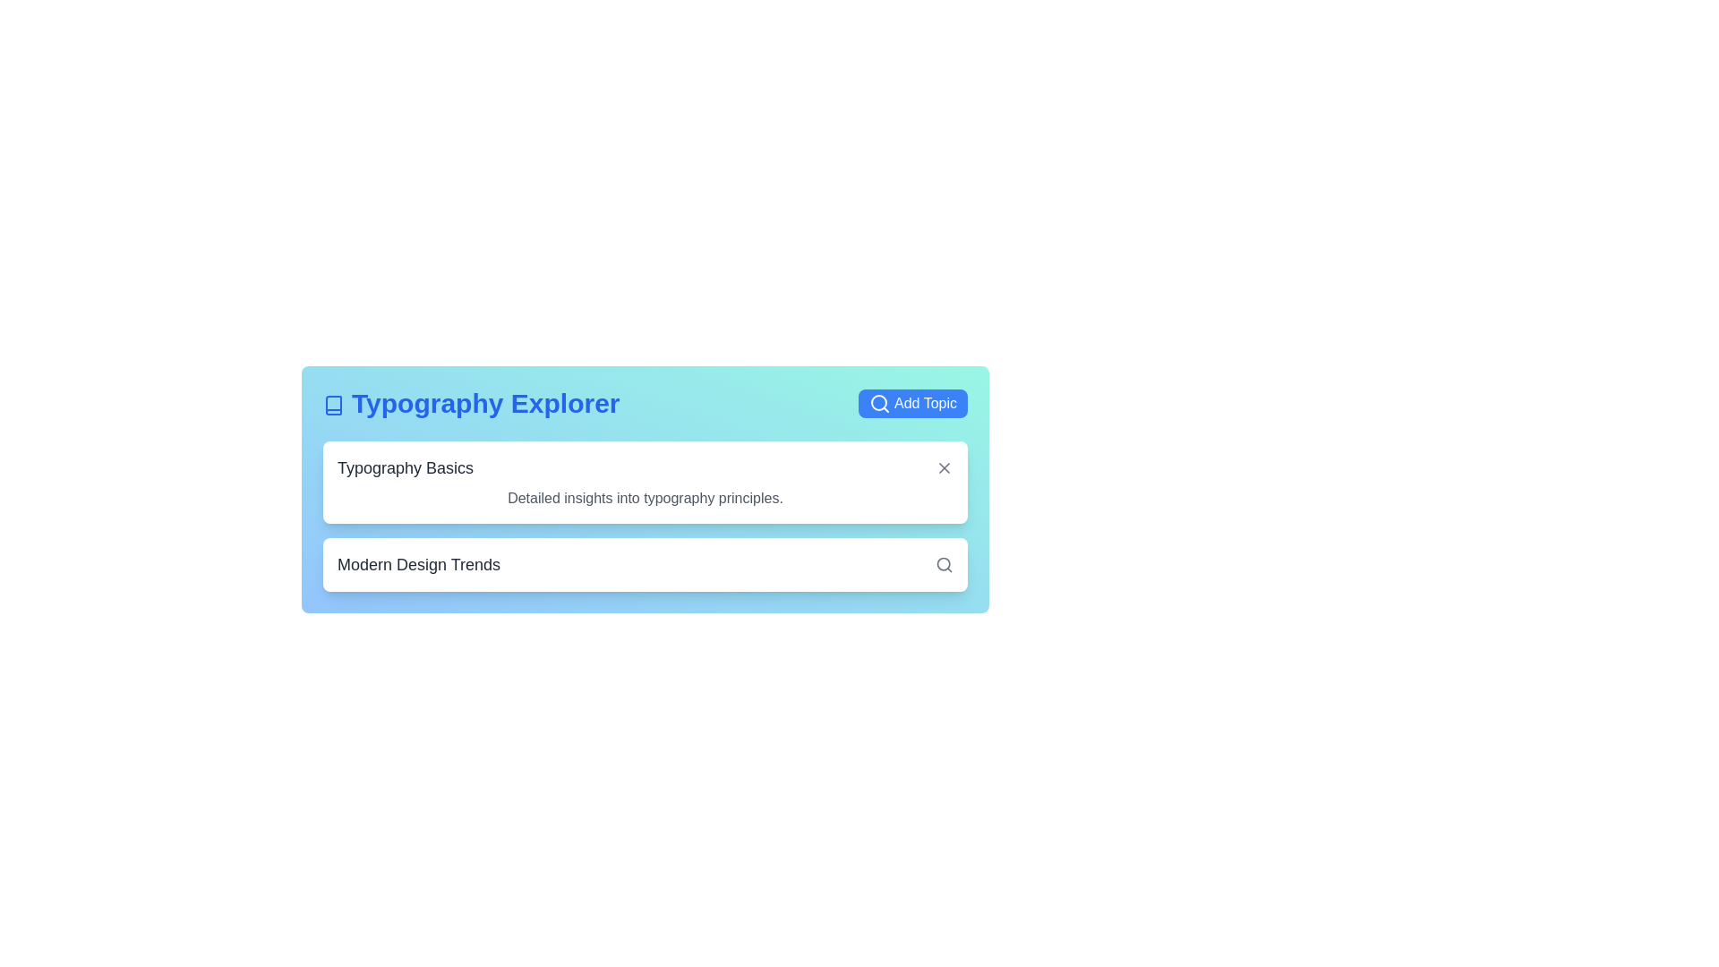 The height and width of the screenshot is (967, 1719). What do you see at coordinates (471, 404) in the screenshot?
I see `text label 'Typography Explorer' which is prominently displayed in bold, large blue font, located in the upper left portion of a card-like interface` at bounding box center [471, 404].